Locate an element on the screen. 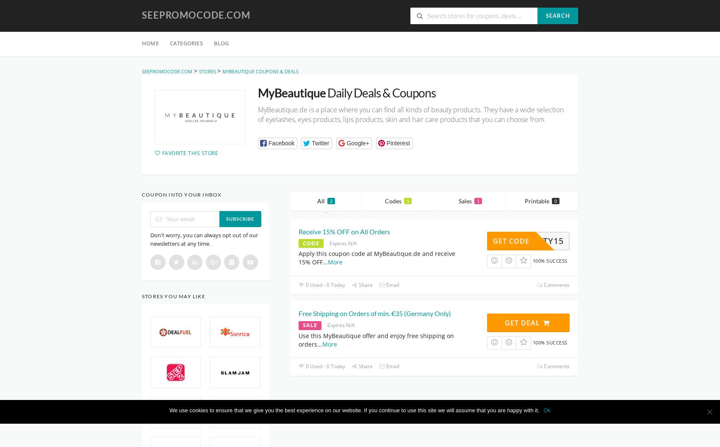  'Apply this coupon code at MyBeautique.de and receive 15% OFF' is located at coordinates (377, 258).